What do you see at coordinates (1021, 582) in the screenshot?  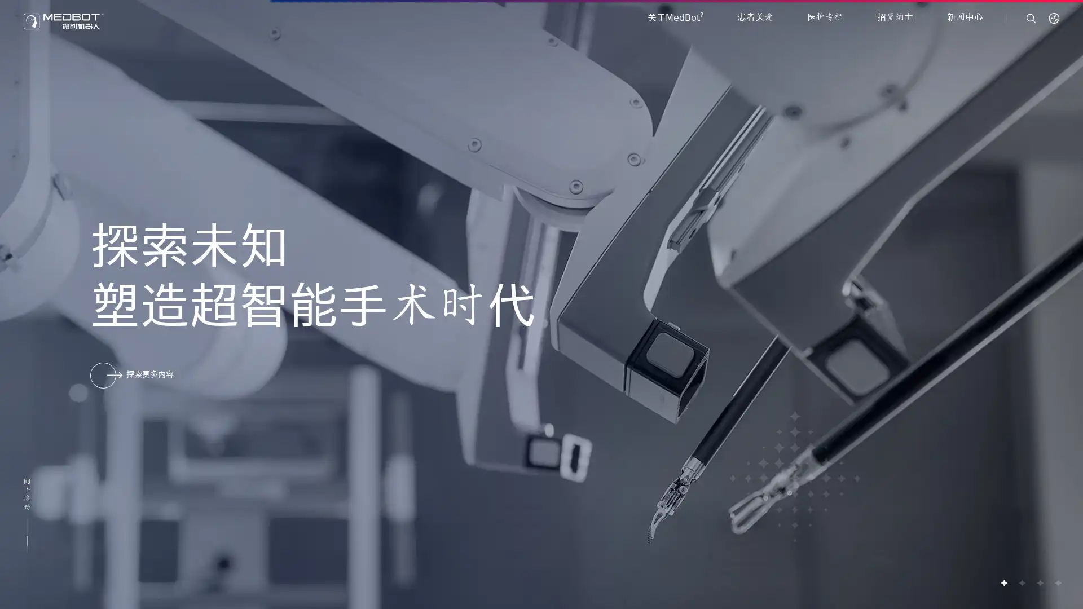 I see `Go to slide 2` at bounding box center [1021, 582].